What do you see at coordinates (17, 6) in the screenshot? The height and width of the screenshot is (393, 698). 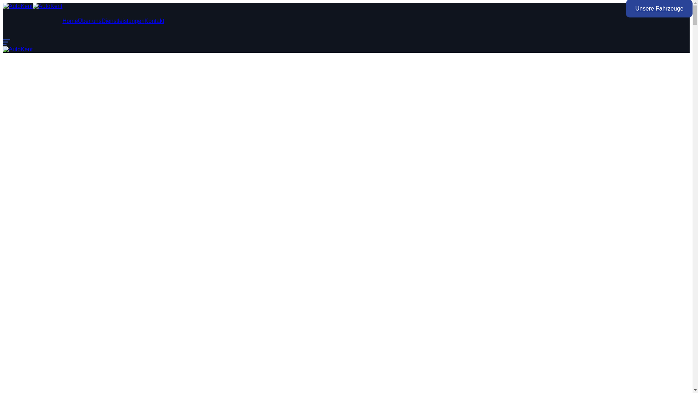 I see `'AutoKent'` at bounding box center [17, 6].